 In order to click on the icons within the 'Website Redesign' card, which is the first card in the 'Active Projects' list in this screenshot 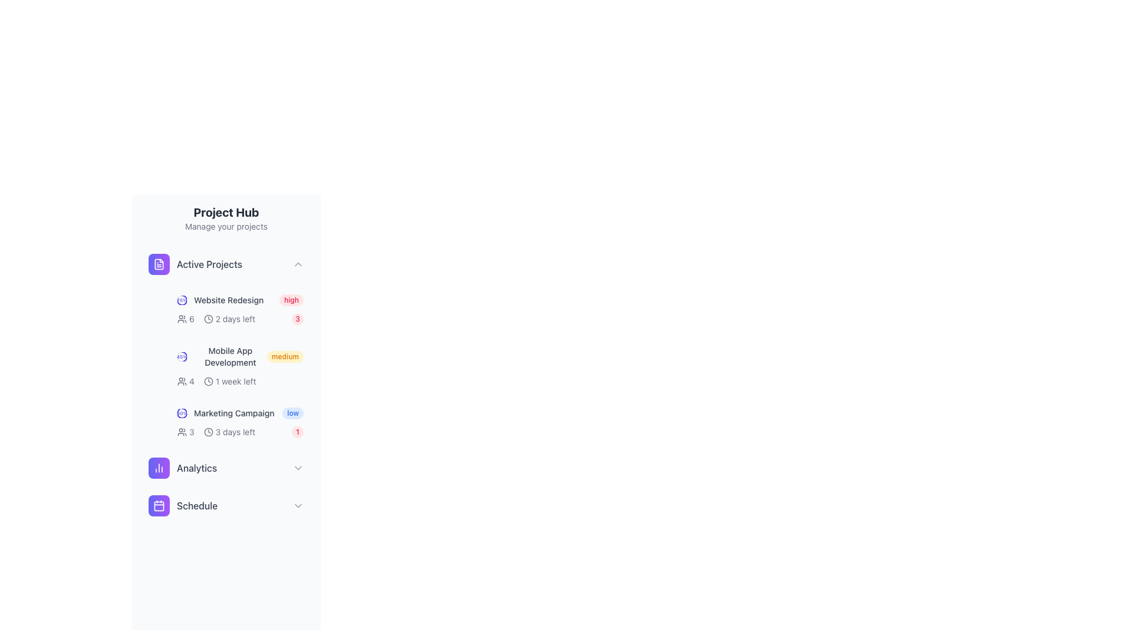, I will do `click(240, 309)`.